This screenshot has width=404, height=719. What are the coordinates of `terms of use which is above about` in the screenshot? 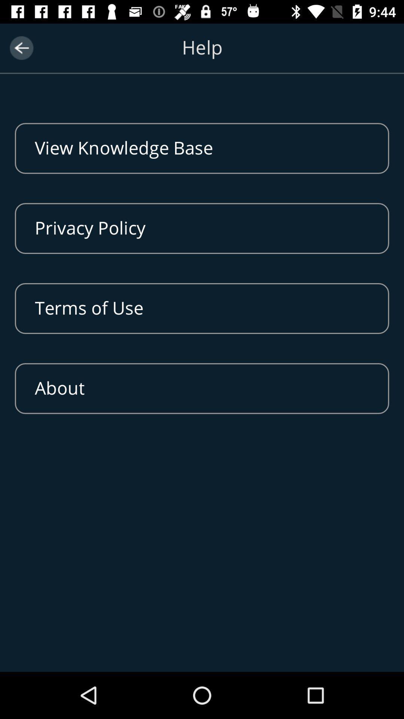 It's located at (202, 309).